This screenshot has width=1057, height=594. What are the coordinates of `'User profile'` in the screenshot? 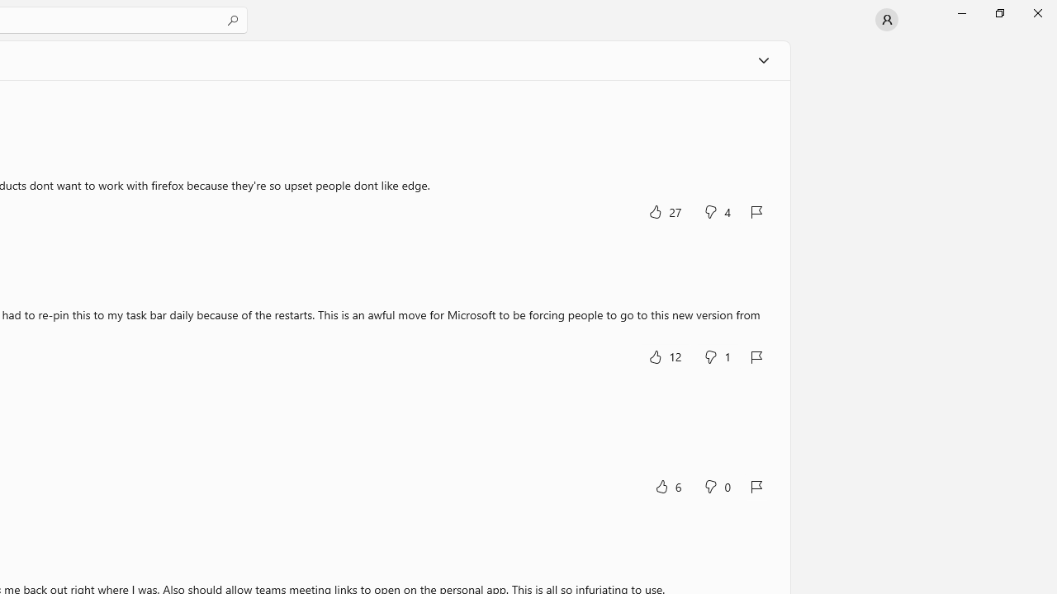 It's located at (885, 20).